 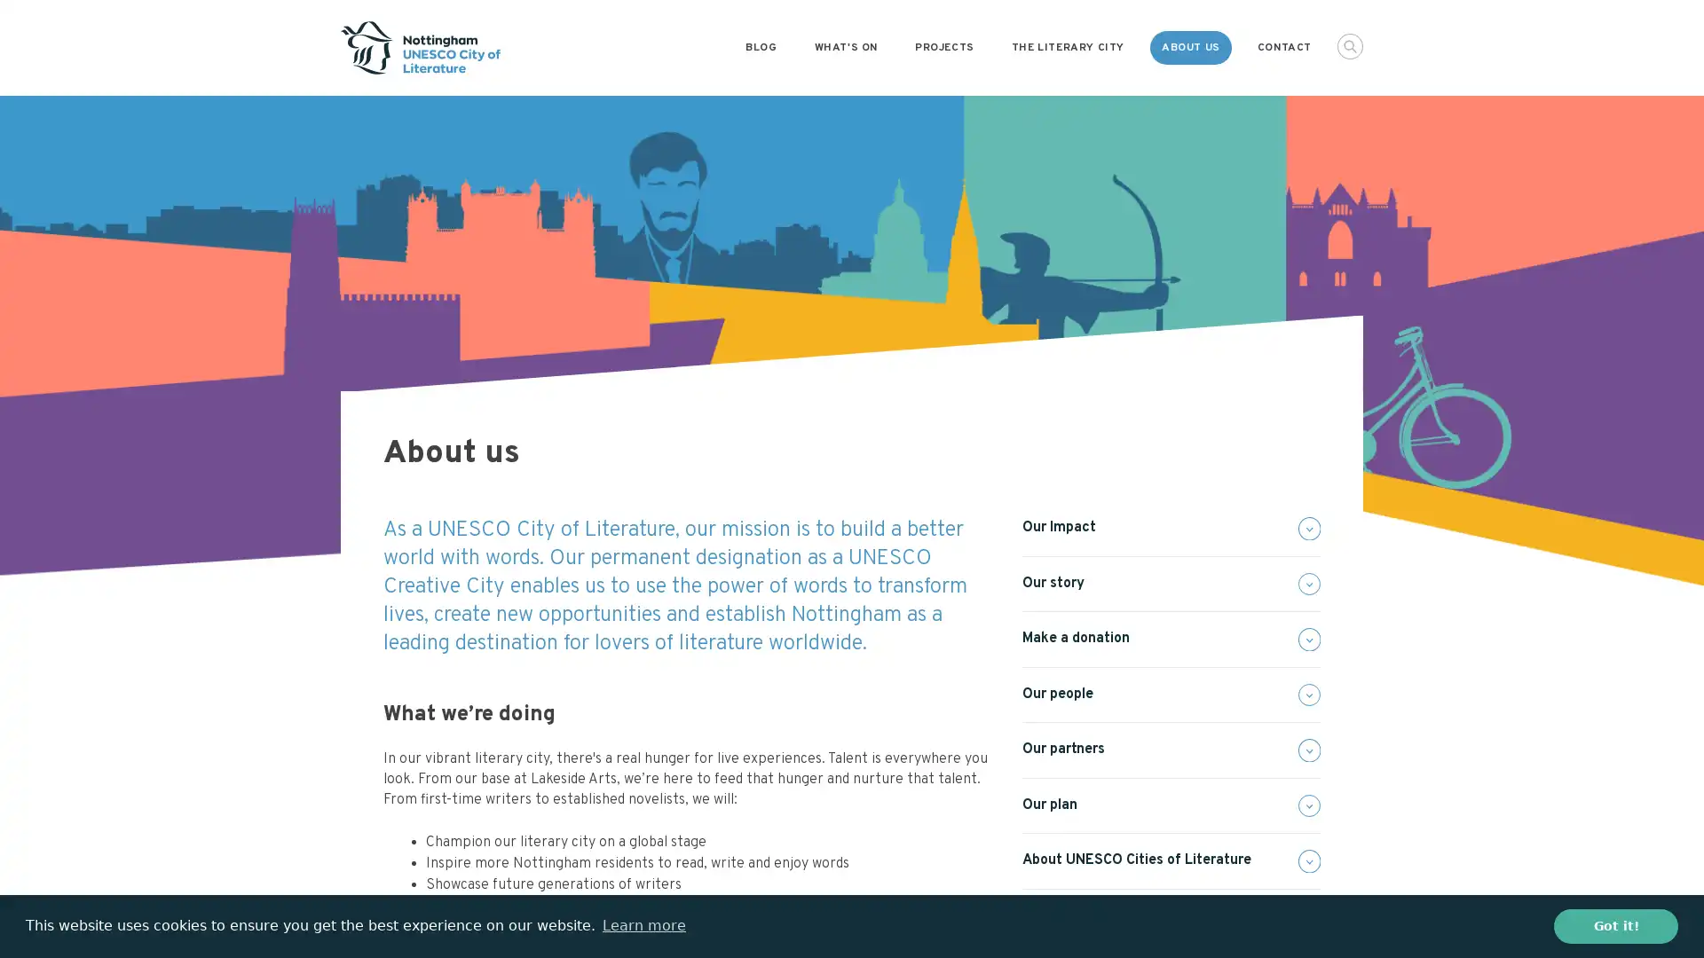 What do you see at coordinates (1615, 925) in the screenshot?
I see `dismiss cookie message` at bounding box center [1615, 925].